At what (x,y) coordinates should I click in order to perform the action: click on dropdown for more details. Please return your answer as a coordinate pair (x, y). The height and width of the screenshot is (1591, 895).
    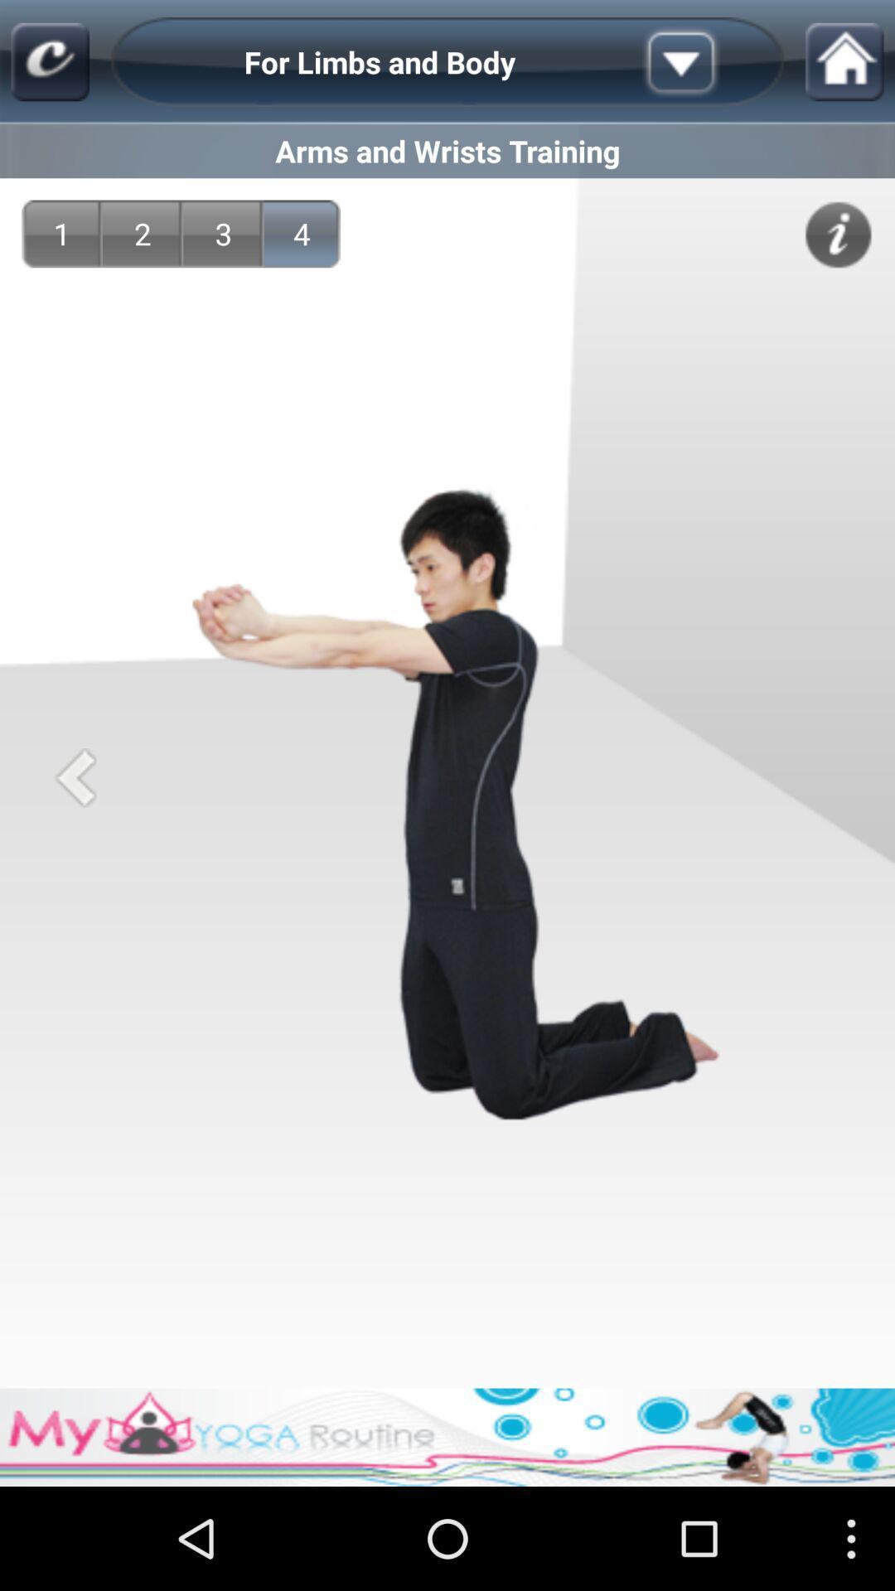
    Looking at the image, I should click on (707, 62).